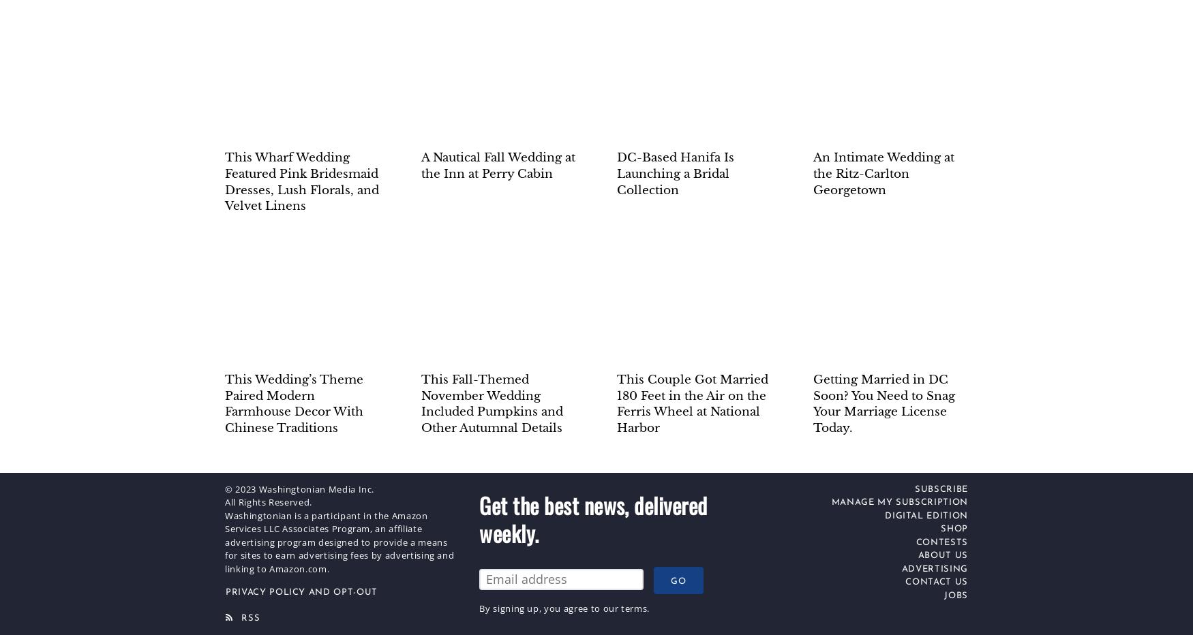 This screenshot has width=1193, height=635. I want to click on 'Contact Us', so click(936, 581).